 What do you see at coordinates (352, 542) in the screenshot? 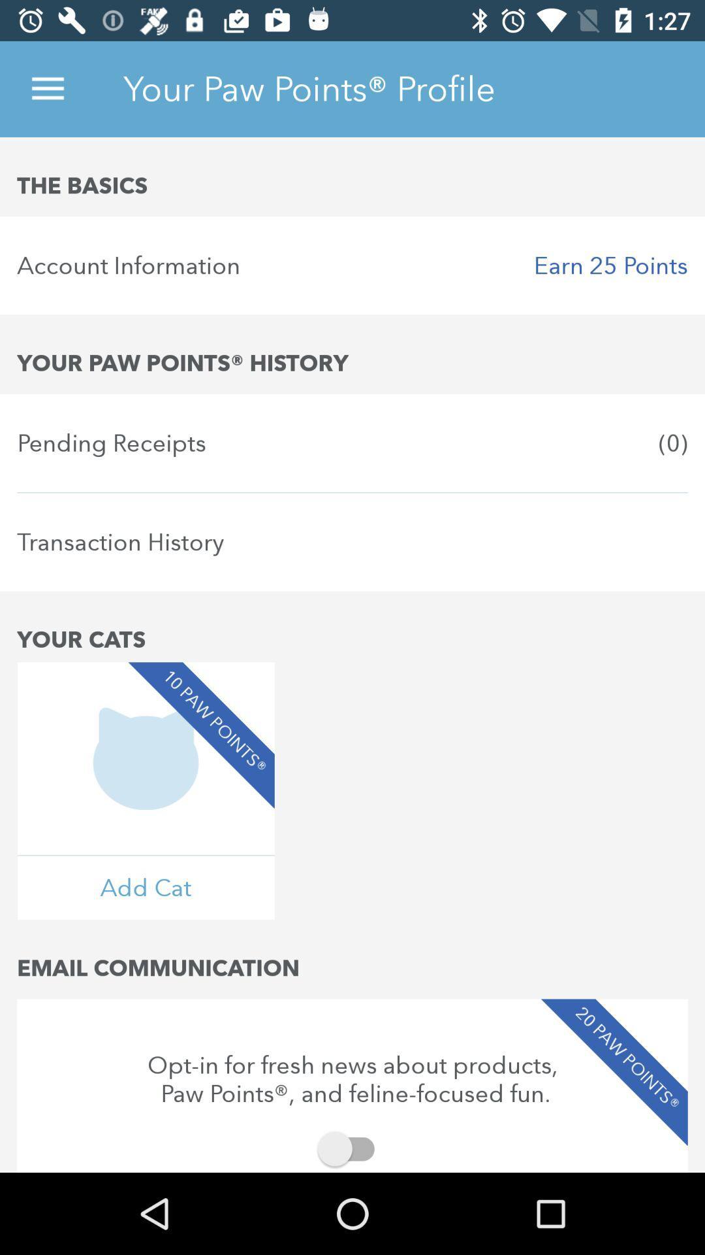
I see `item above the your cats item` at bounding box center [352, 542].